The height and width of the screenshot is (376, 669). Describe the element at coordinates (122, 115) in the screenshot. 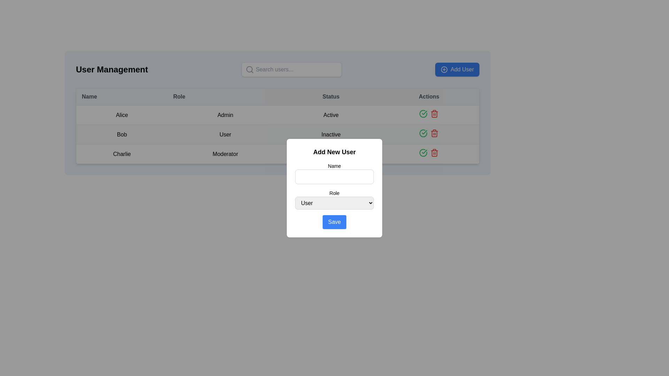

I see `text content of the 'Alice' entry in the first row of the table under the 'Name' column` at that location.